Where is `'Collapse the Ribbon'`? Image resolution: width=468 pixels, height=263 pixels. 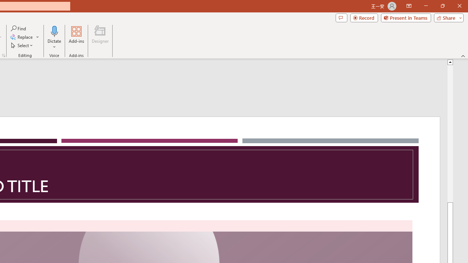
'Collapse the Ribbon' is located at coordinates (463, 56).